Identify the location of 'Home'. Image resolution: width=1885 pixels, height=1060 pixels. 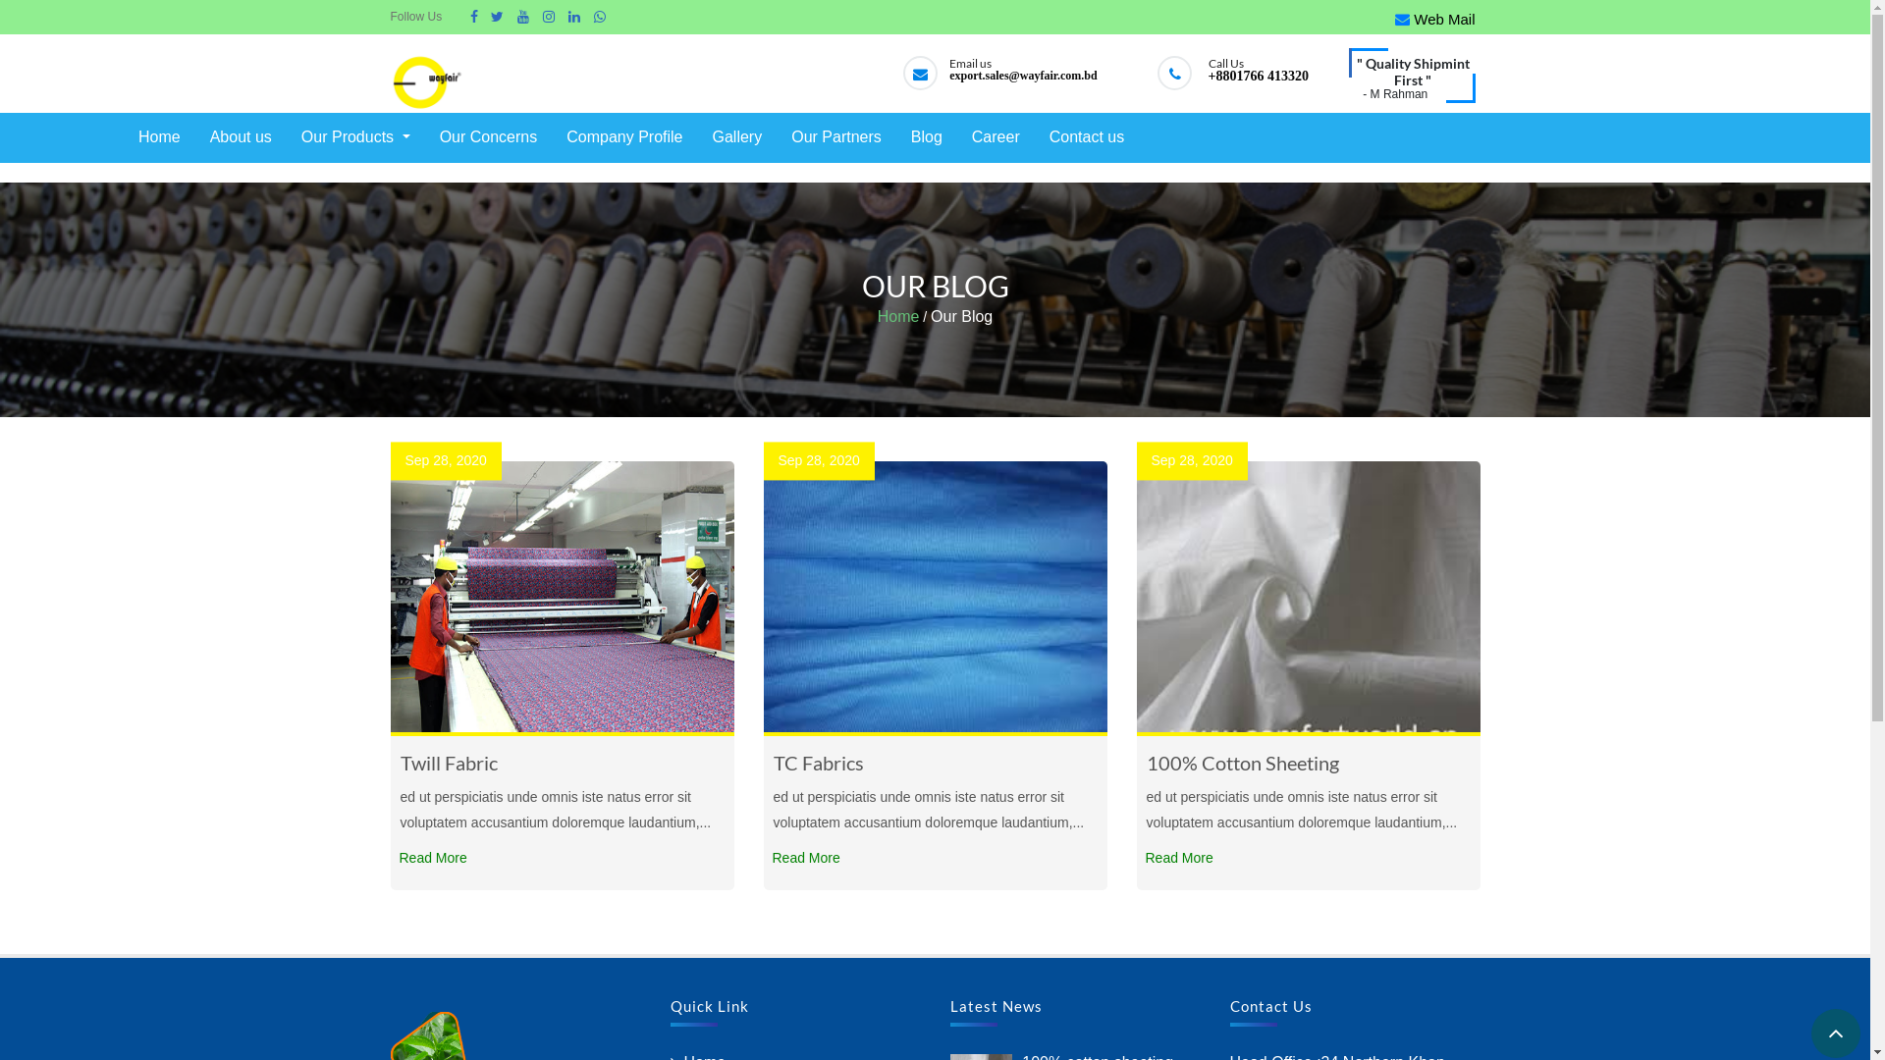
(897, 316).